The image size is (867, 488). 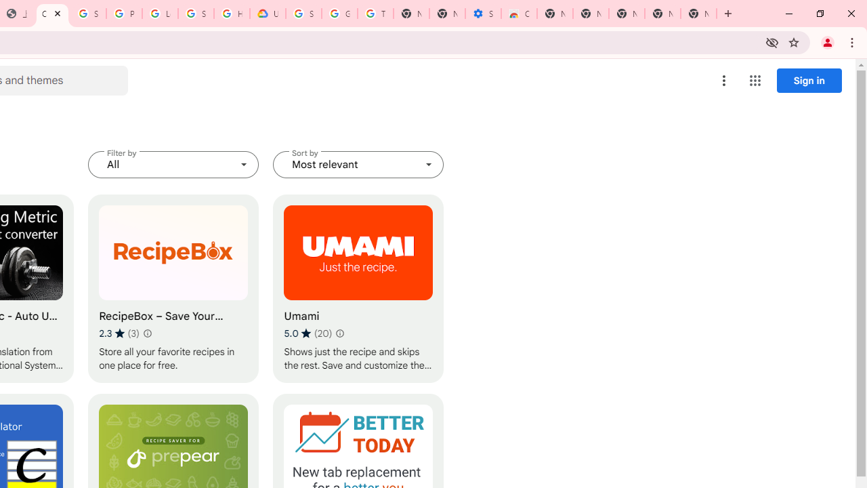 What do you see at coordinates (358, 164) in the screenshot?
I see `'Sort by Most relevant'` at bounding box center [358, 164].